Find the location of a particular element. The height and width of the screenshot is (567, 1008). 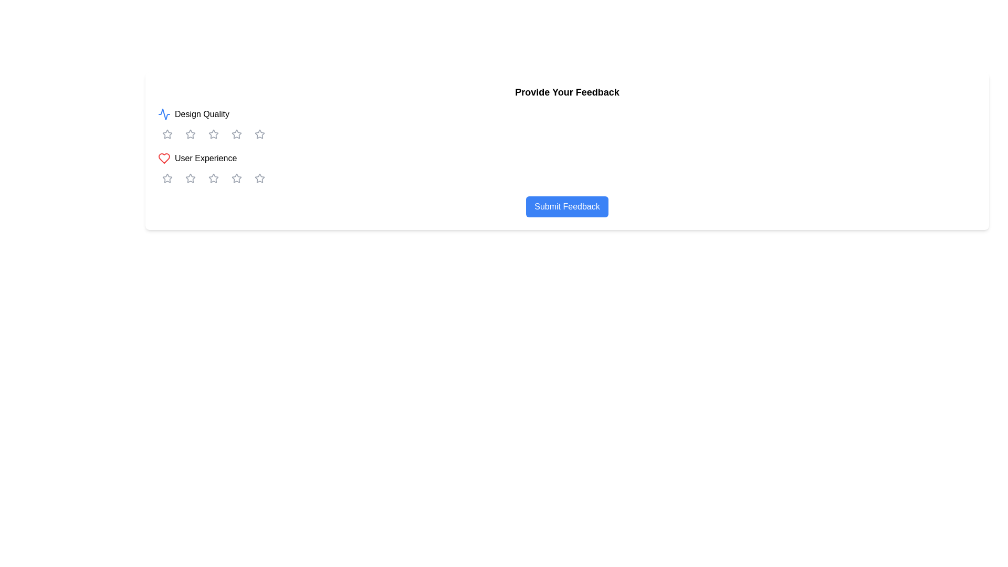

the blue icon resembling an activity graph or heartbeat, located to the left of the text 'Design Quality' is located at coordinates (163, 114).